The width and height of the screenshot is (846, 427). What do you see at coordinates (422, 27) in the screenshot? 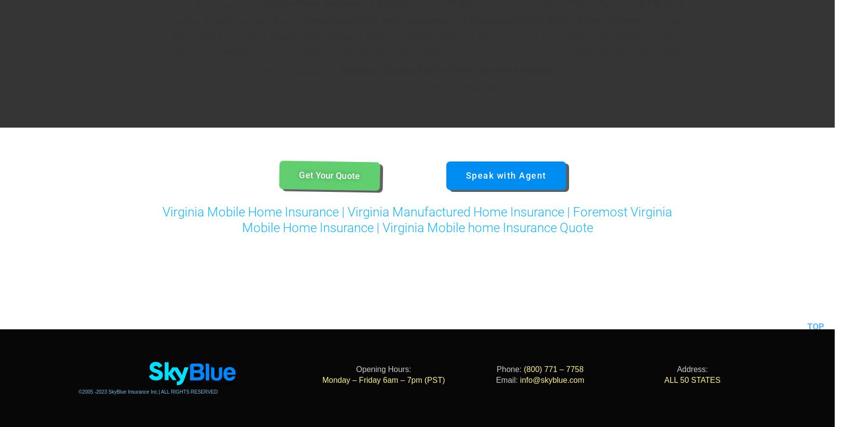
I see `'in Virginia. You will always get the best'` at bounding box center [422, 27].